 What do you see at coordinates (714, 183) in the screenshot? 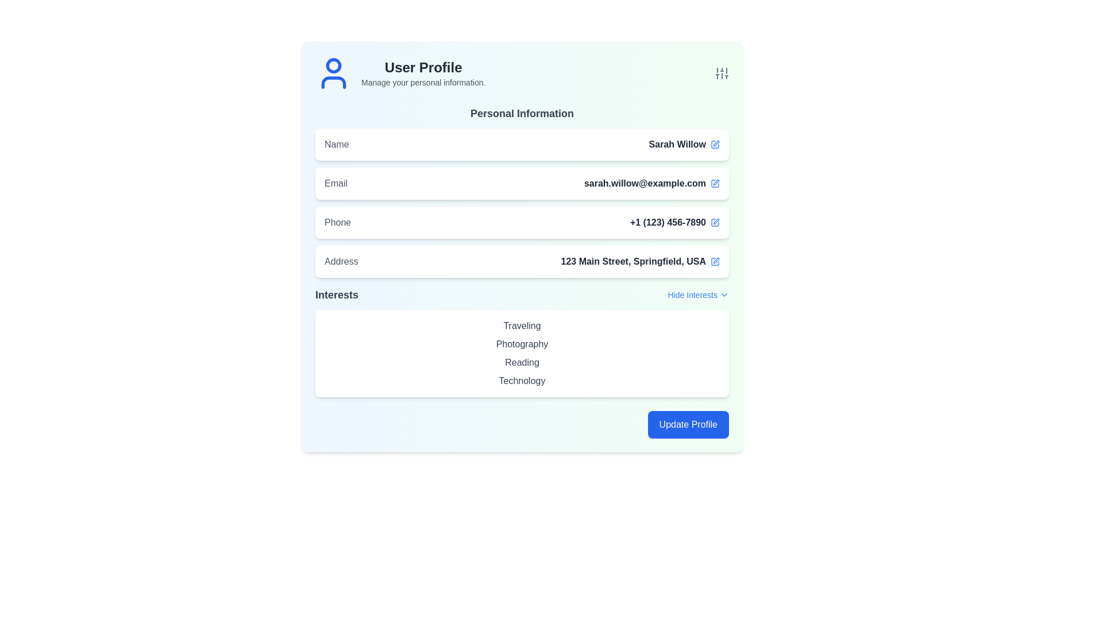
I see `the edit icon located at the far right of the email information row, next to 'sarah.willow@example.com', to initiate the editing of the email address` at bounding box center [714, 183].